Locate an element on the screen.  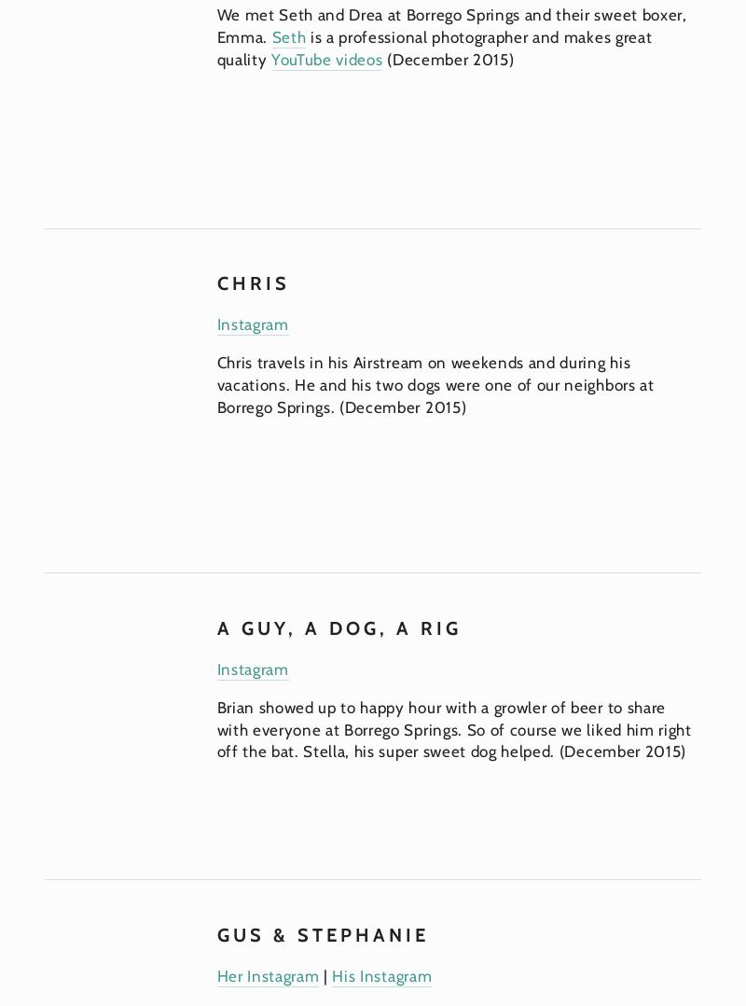
'Chris' is located at coordinates (252, 282).